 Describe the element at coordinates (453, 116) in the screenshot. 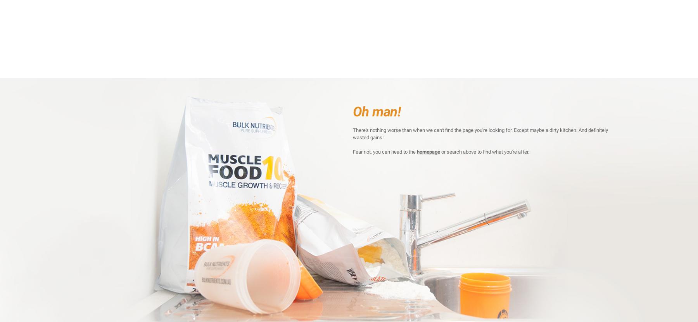

I see `'11 minutes'` at that location.